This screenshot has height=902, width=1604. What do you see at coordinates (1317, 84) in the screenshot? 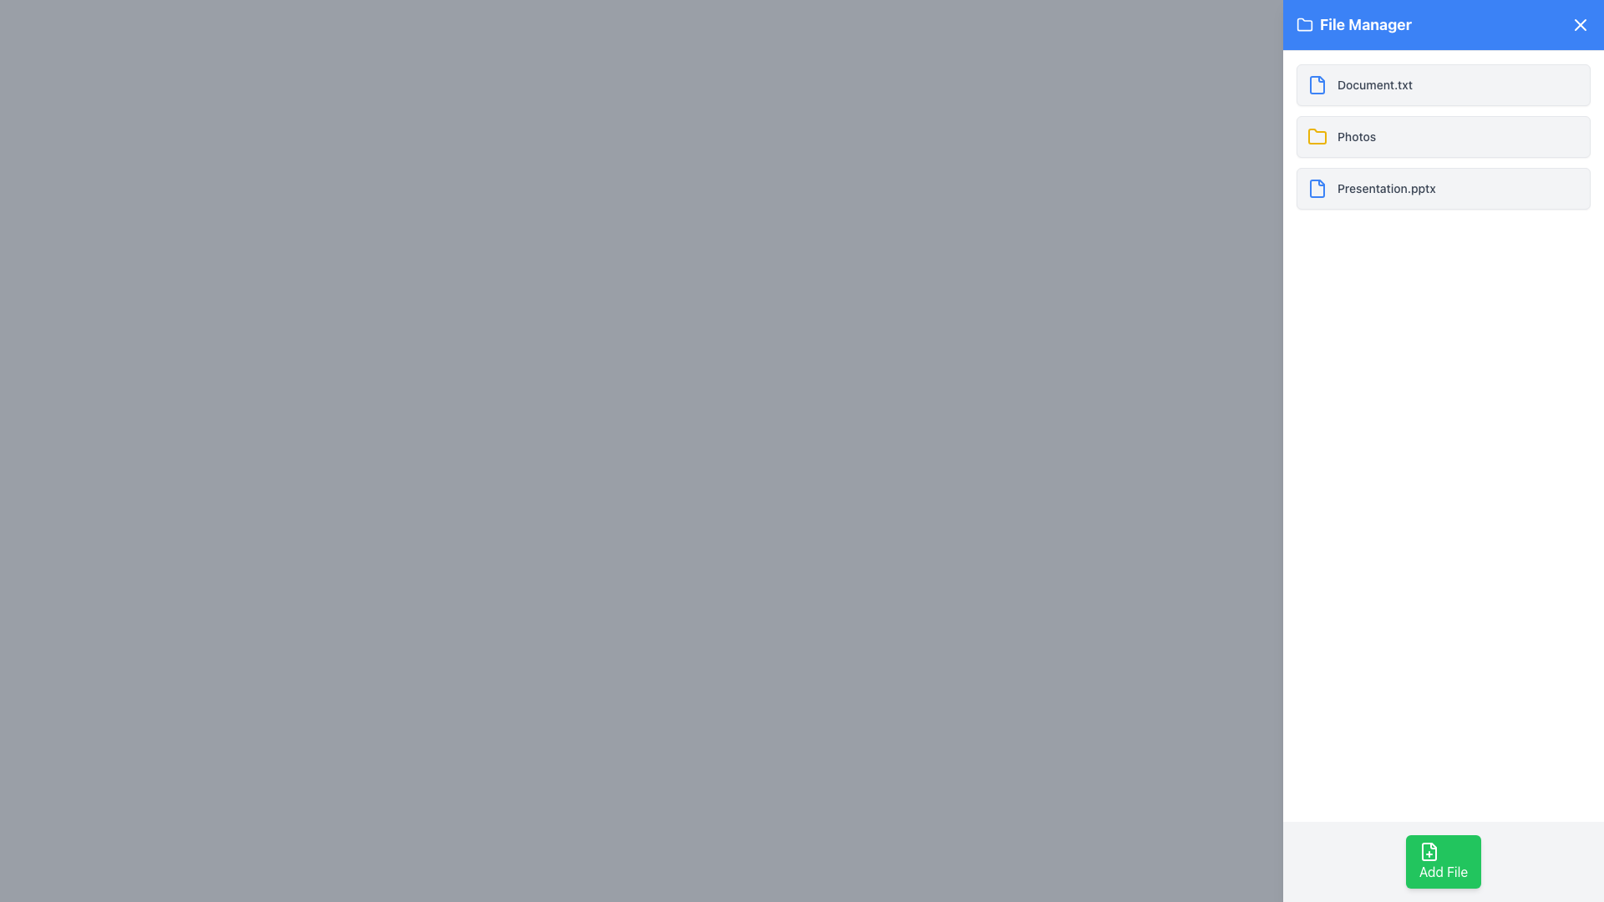
I see `the minimalist blue document icon located next to the text 'Document.txt' in the upper-left section of the list panel` at bounding box center [1317, 84].